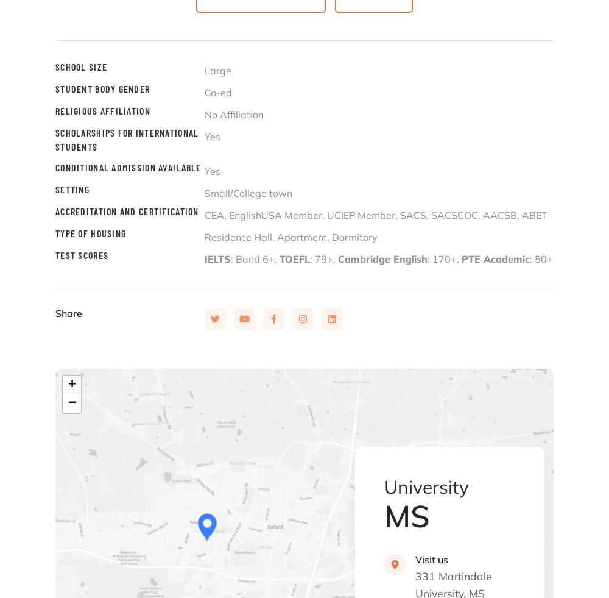 This screenshot has height=598, width=609. What do you see at coordinates (68, 313) in the screenshot?
I see `'Share'` at bounding box center [68, 313].